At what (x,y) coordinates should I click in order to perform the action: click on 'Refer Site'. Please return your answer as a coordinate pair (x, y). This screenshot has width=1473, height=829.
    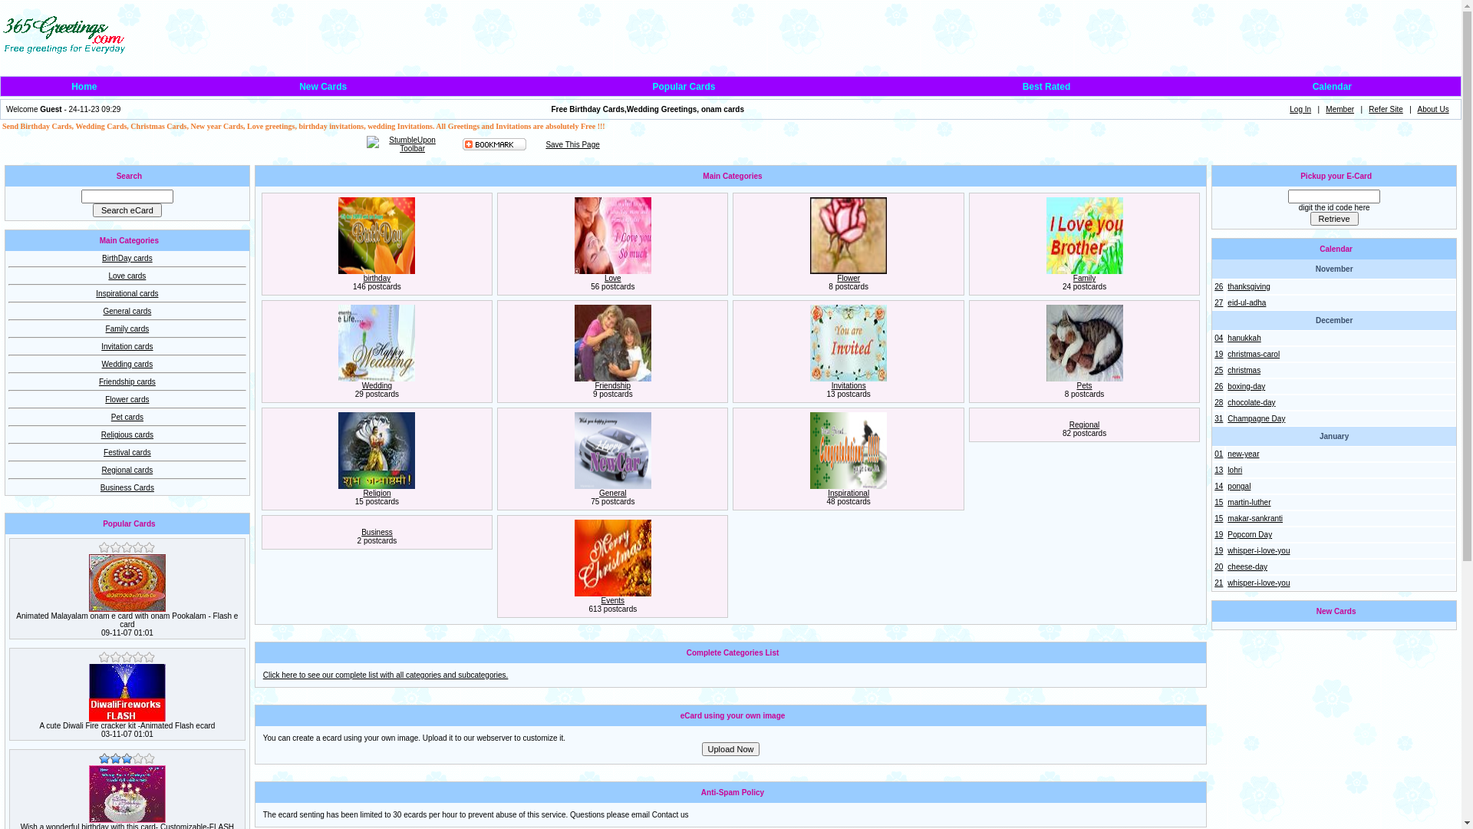
    Looking at the image, I should click on (1385, 108).